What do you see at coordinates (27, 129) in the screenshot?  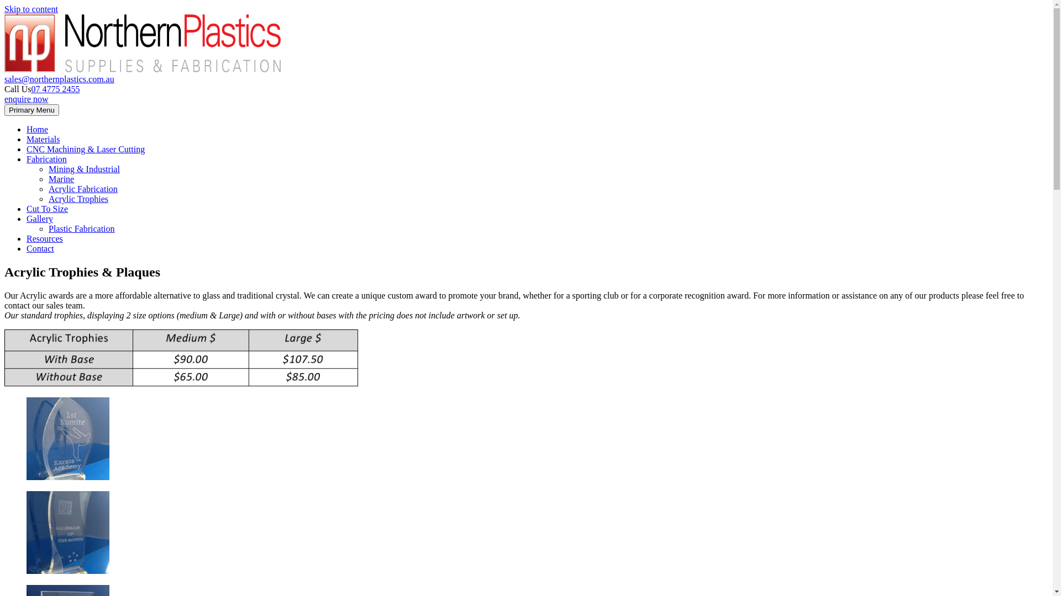 I see `'Home'` at bounding box center [27, 129].